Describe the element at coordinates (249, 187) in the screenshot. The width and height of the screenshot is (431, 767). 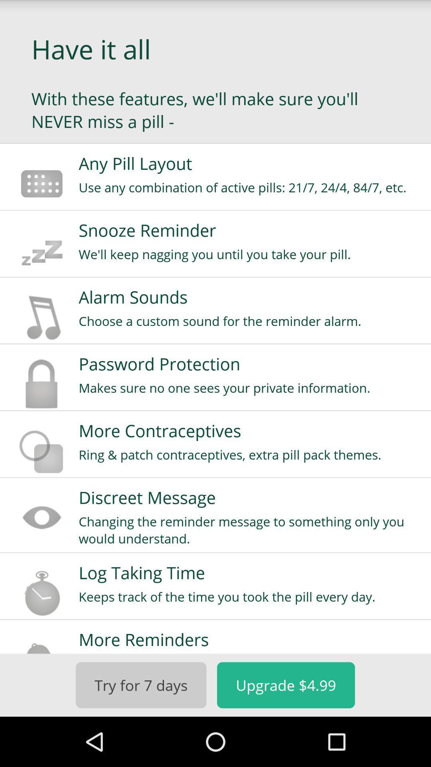
I see `item below the any pill layout app` at that location.